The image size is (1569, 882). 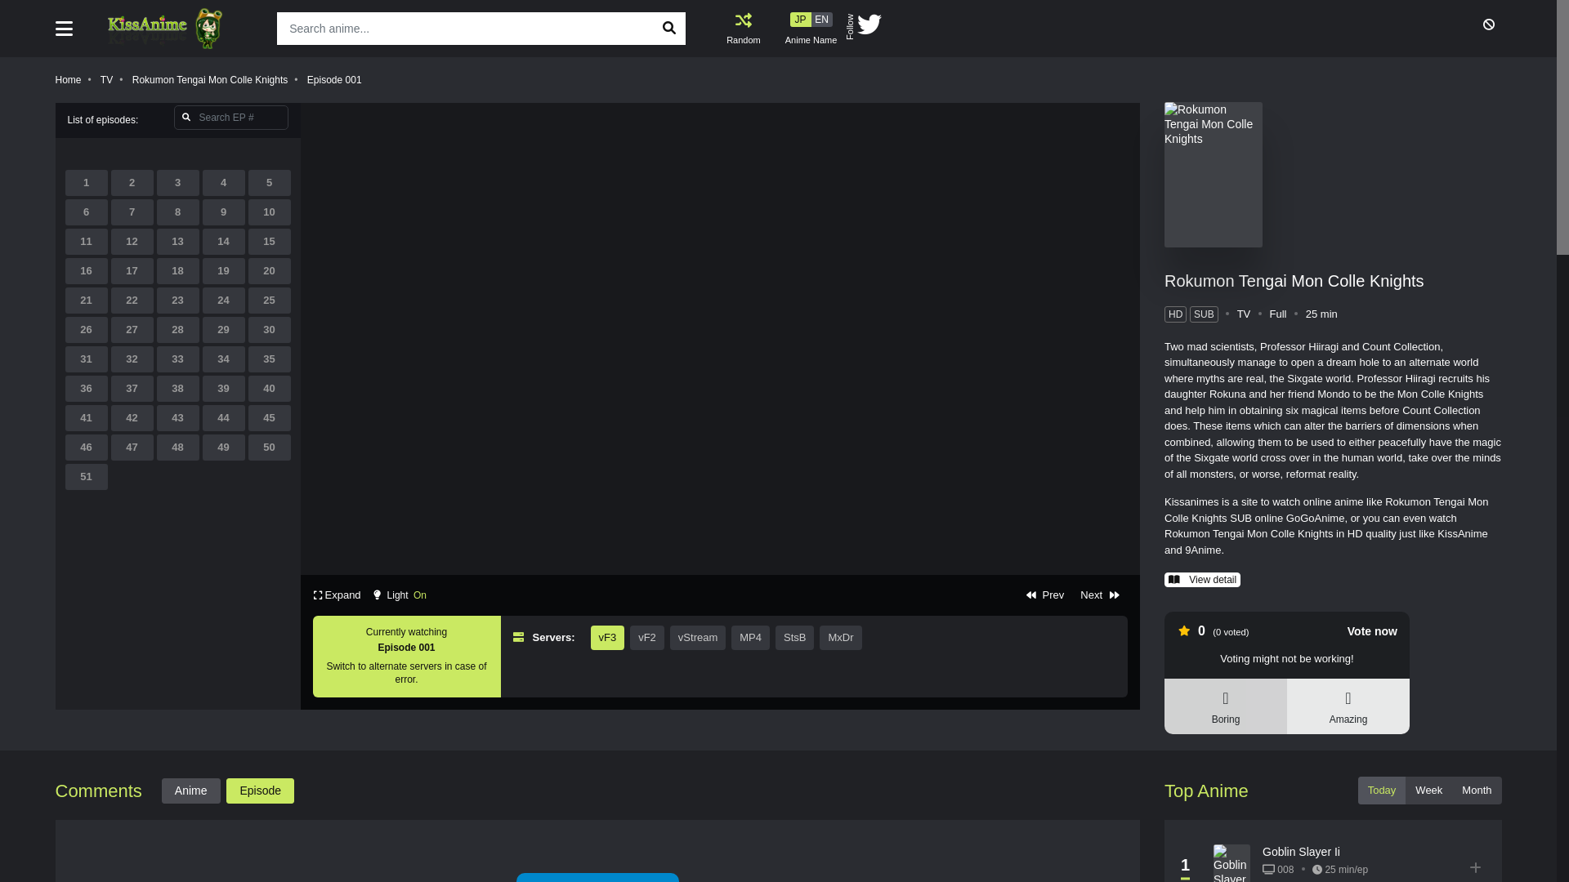 I want to click on '13', so click(x=177, y=242).